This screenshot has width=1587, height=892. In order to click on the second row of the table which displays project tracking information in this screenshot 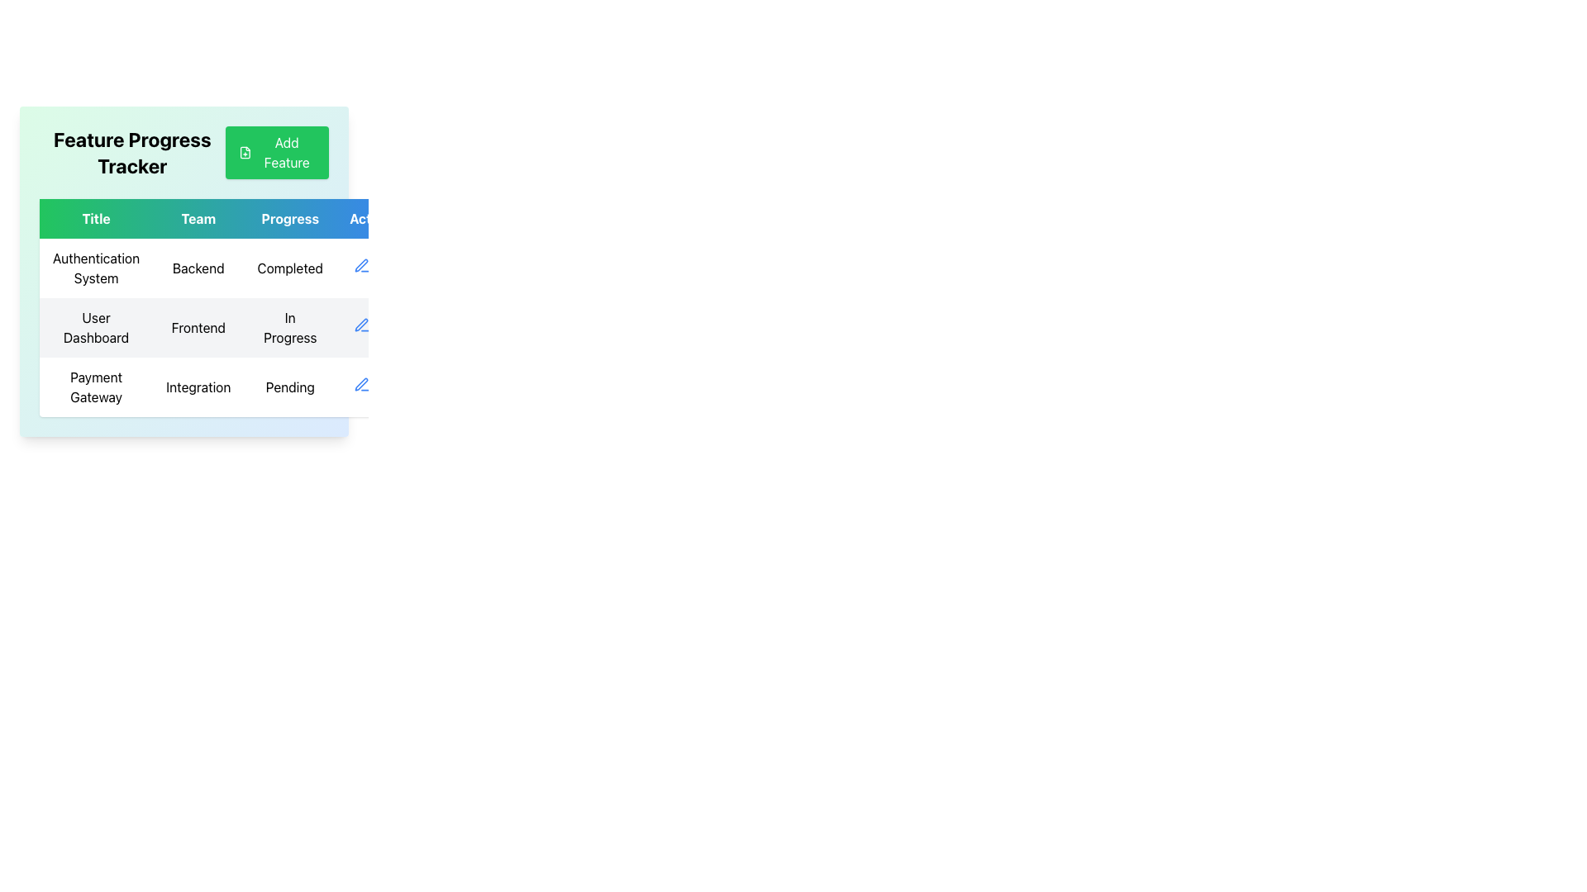, I will do `click(224, 328)`.